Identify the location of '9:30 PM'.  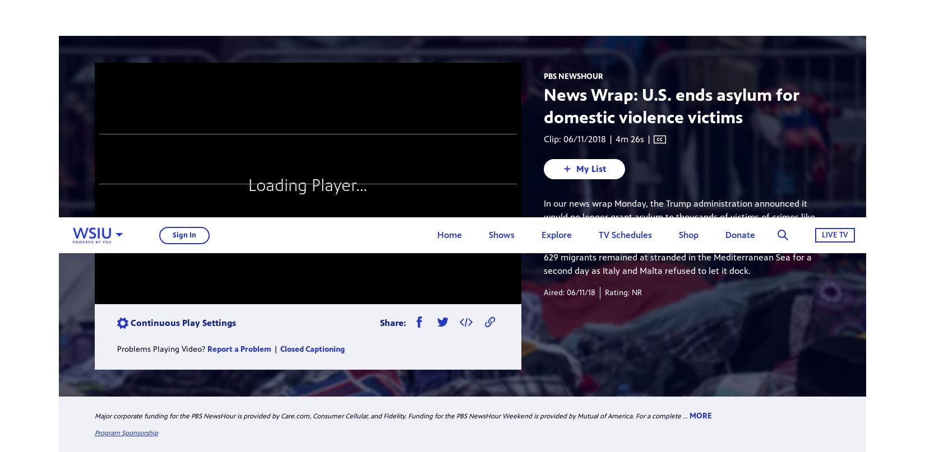
(520, 173).